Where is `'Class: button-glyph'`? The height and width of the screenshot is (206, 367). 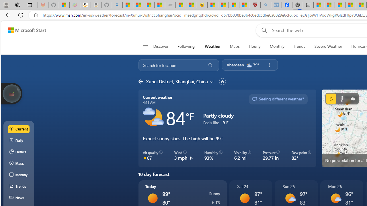 'Class: button-glyph' is located at coordinates (145, 46).